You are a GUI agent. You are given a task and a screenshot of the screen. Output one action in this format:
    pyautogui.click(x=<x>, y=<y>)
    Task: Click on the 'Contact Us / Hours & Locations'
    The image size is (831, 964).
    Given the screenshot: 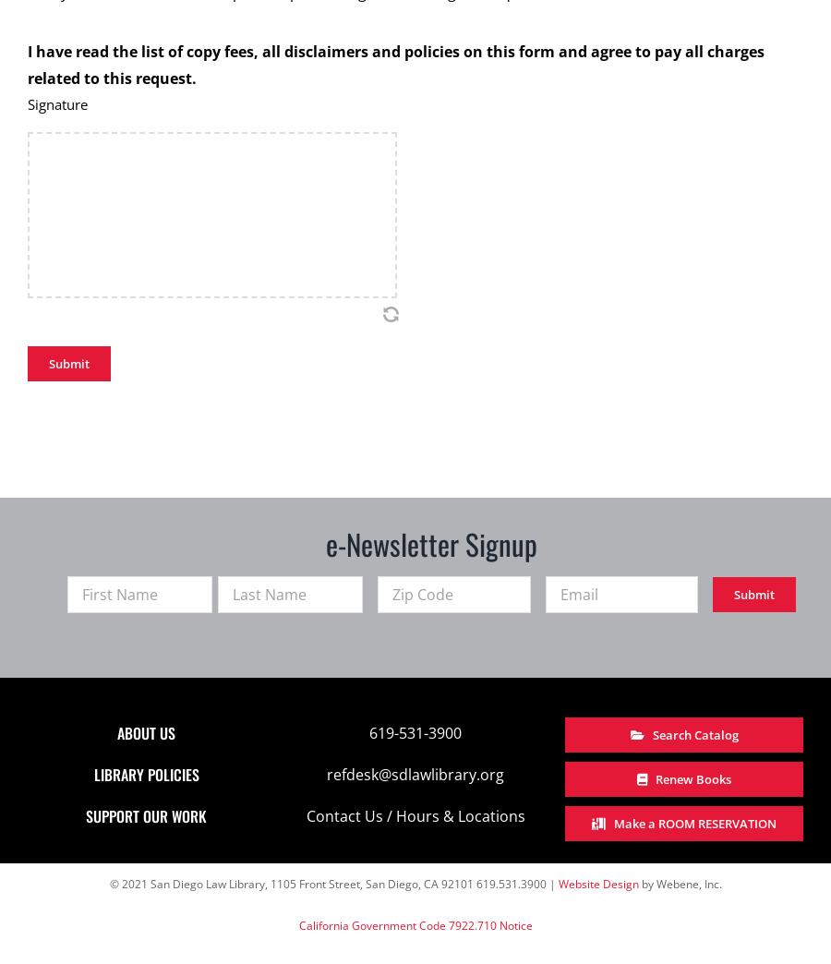 What is the action you would take?
    pyautogui.click(x=415, y=815)
    